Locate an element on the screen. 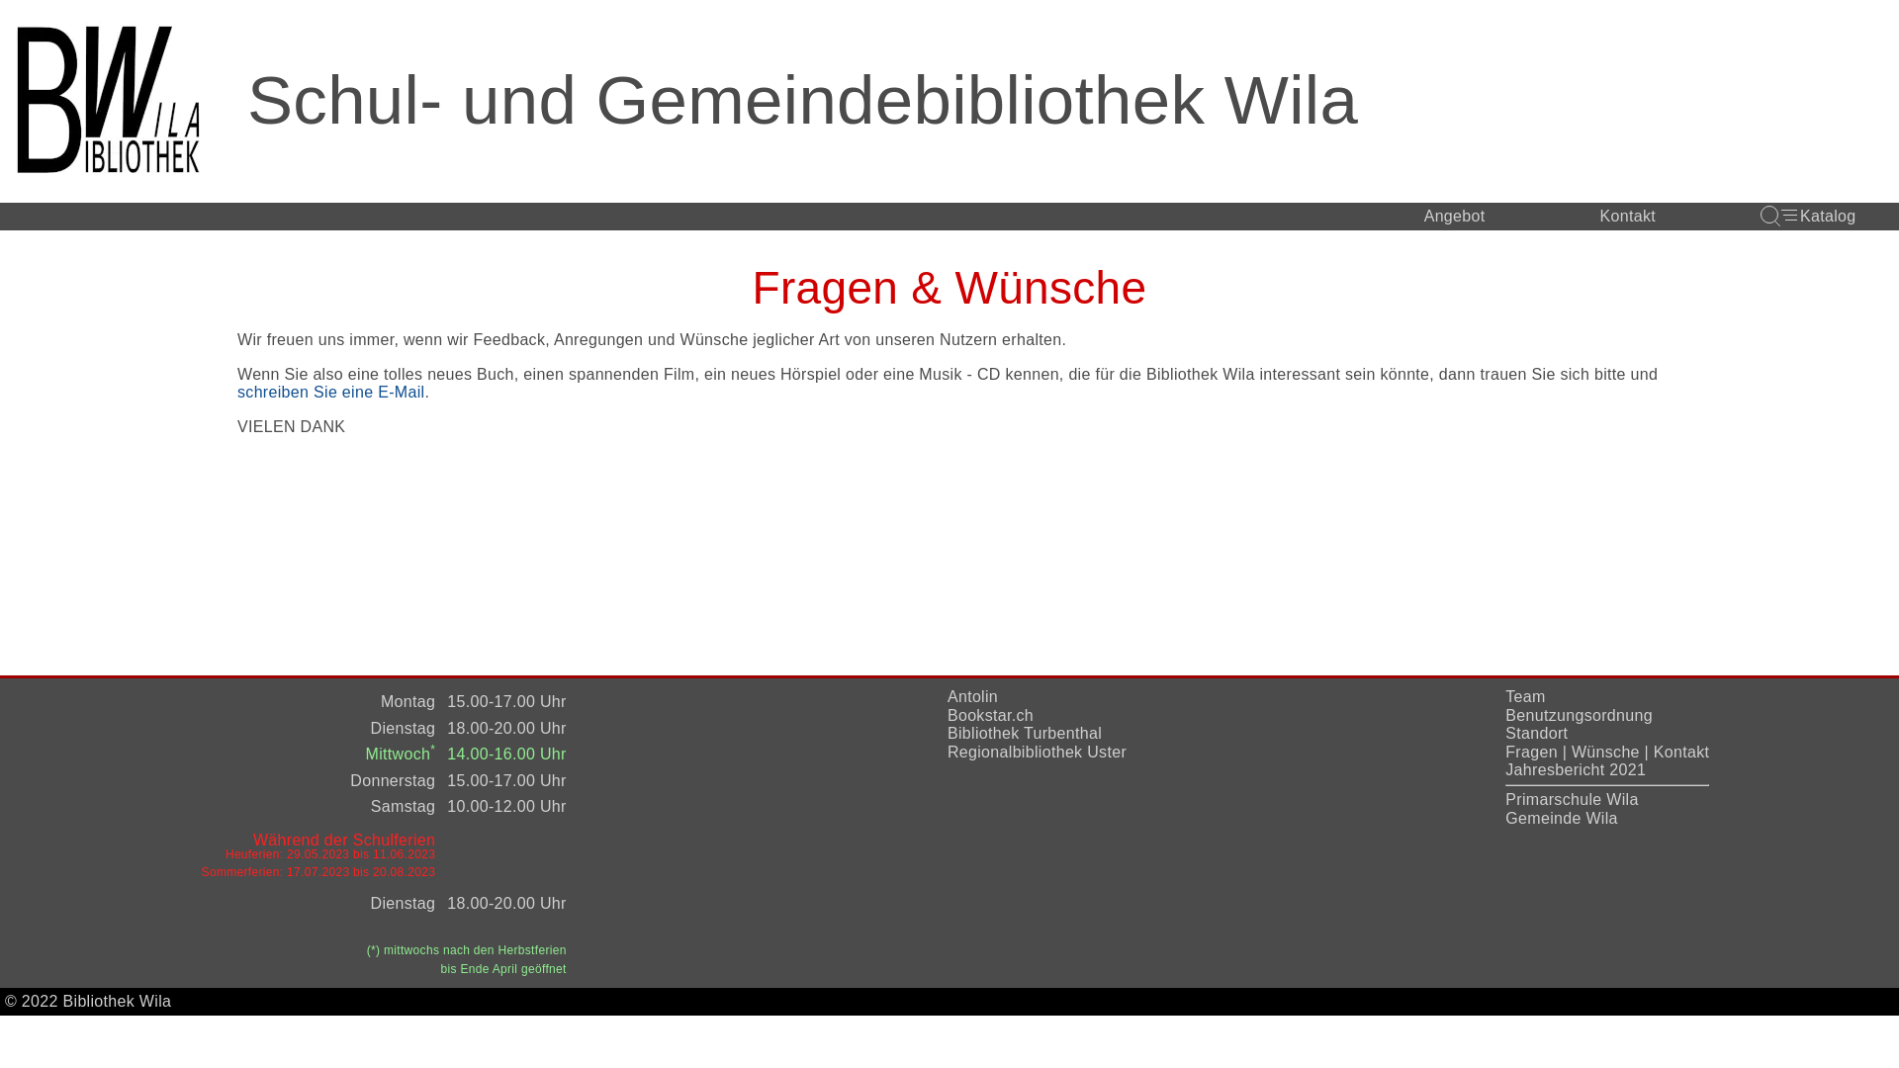 This screenshot has height=1068, width=1899. 'Jahresbericht 2021' is located at coordinates (1575, 768).